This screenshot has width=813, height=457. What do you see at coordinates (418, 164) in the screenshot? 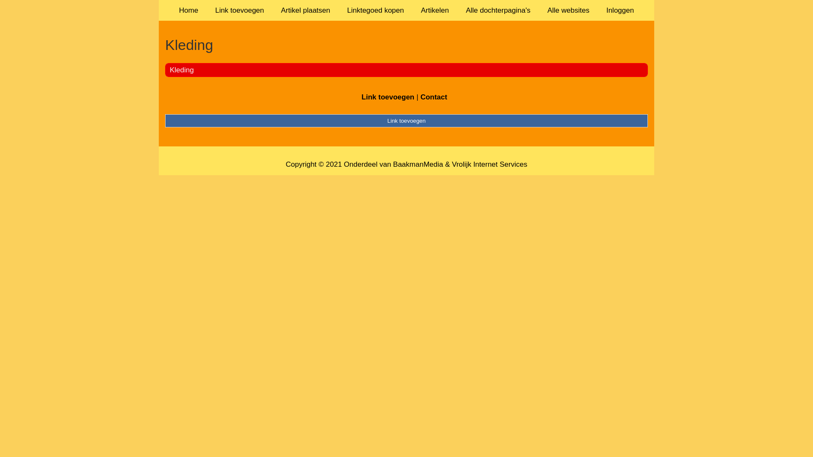
I see `'BaakmanMedia'` at bounding box center [418, 164].